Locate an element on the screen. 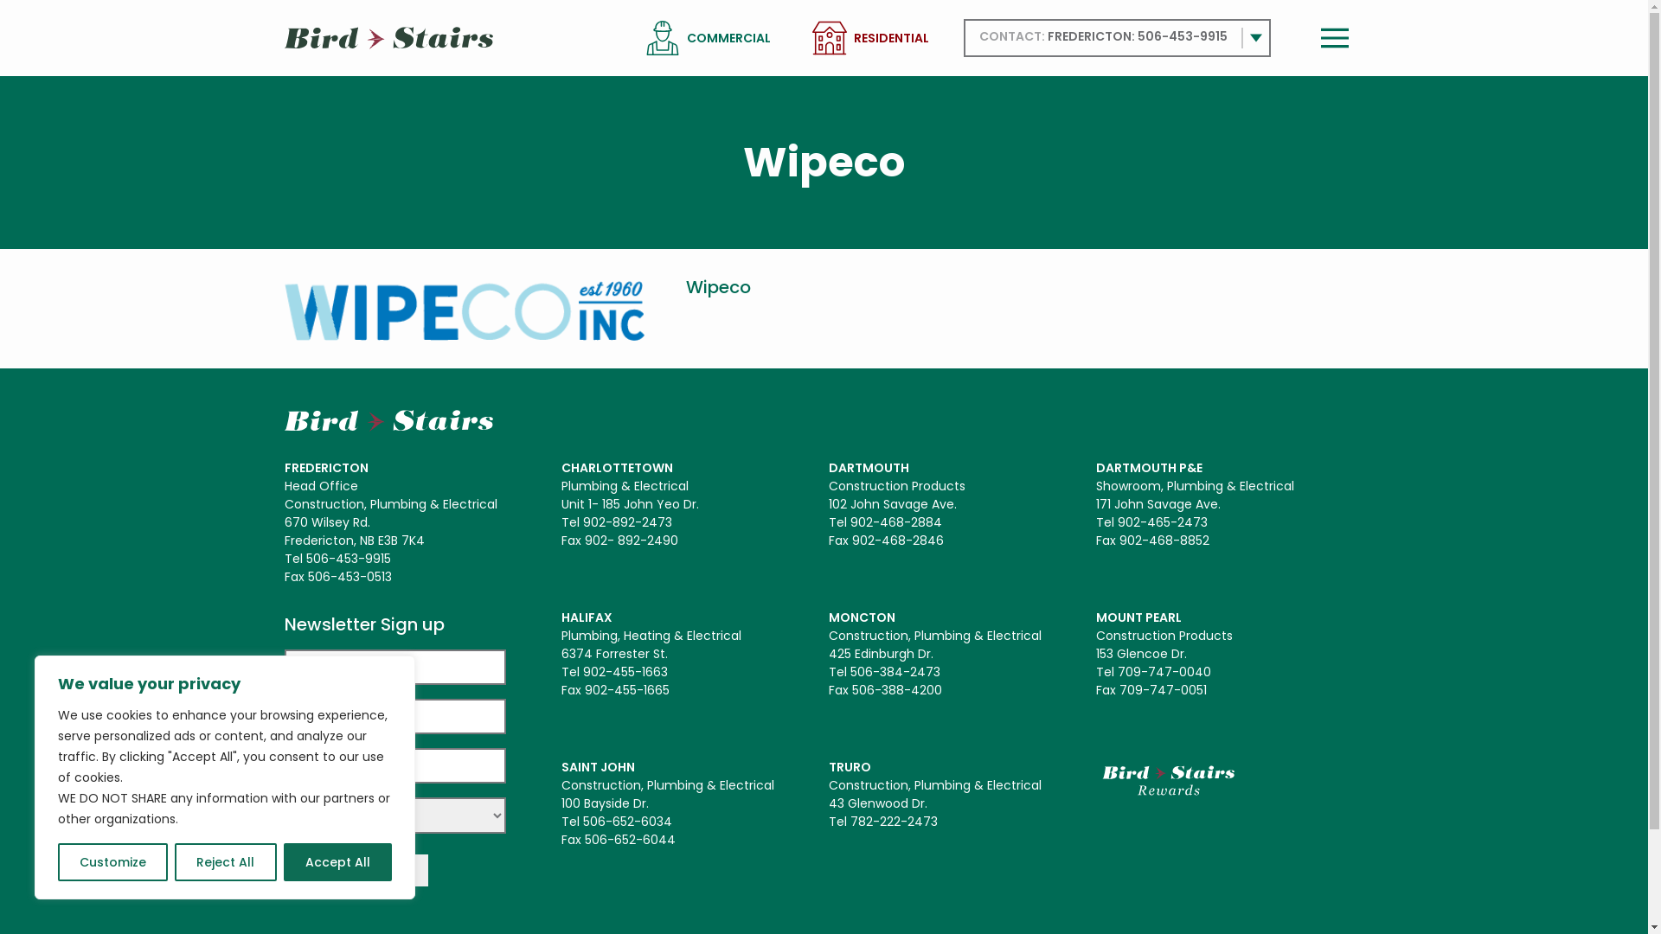  'Subscribe' is located at coordinates (355, 870).